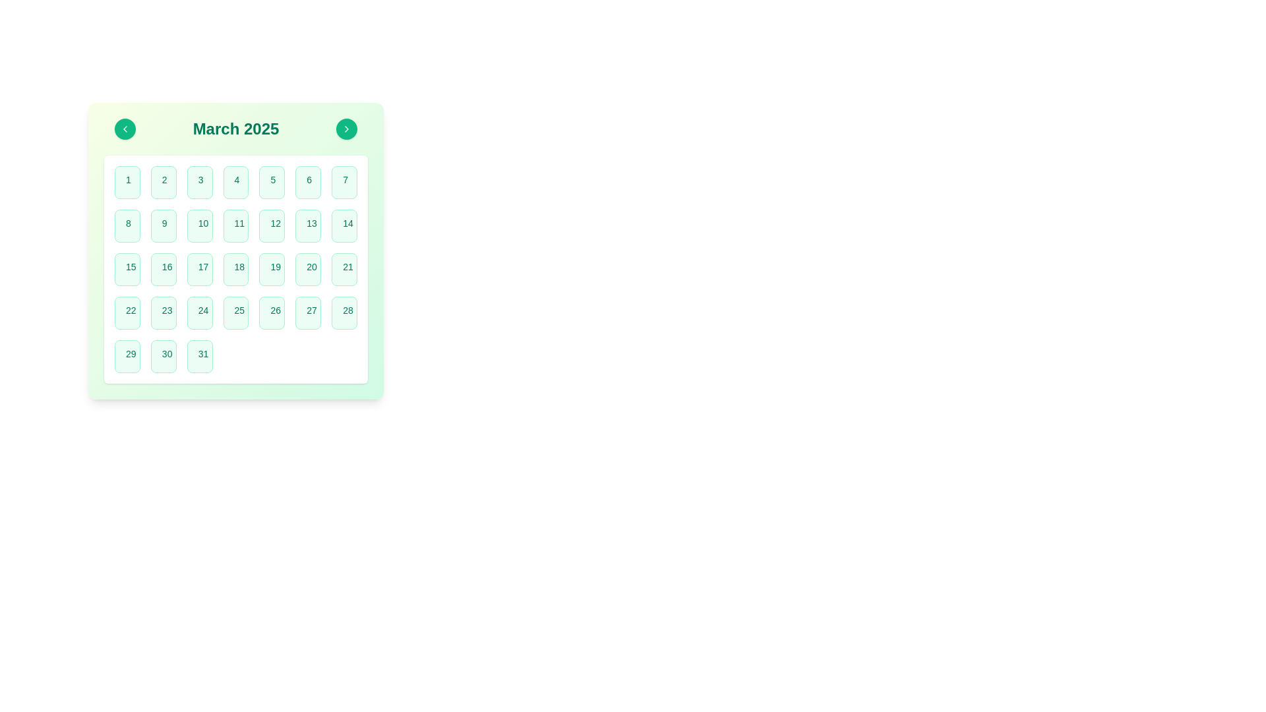  Describe the element at coordinates (166, 353) in the screenshot. I see `text displayed in the text label representing the 30th of March 2025 in the calendar grid, located in the fifth row, second-to-last position` at that location.